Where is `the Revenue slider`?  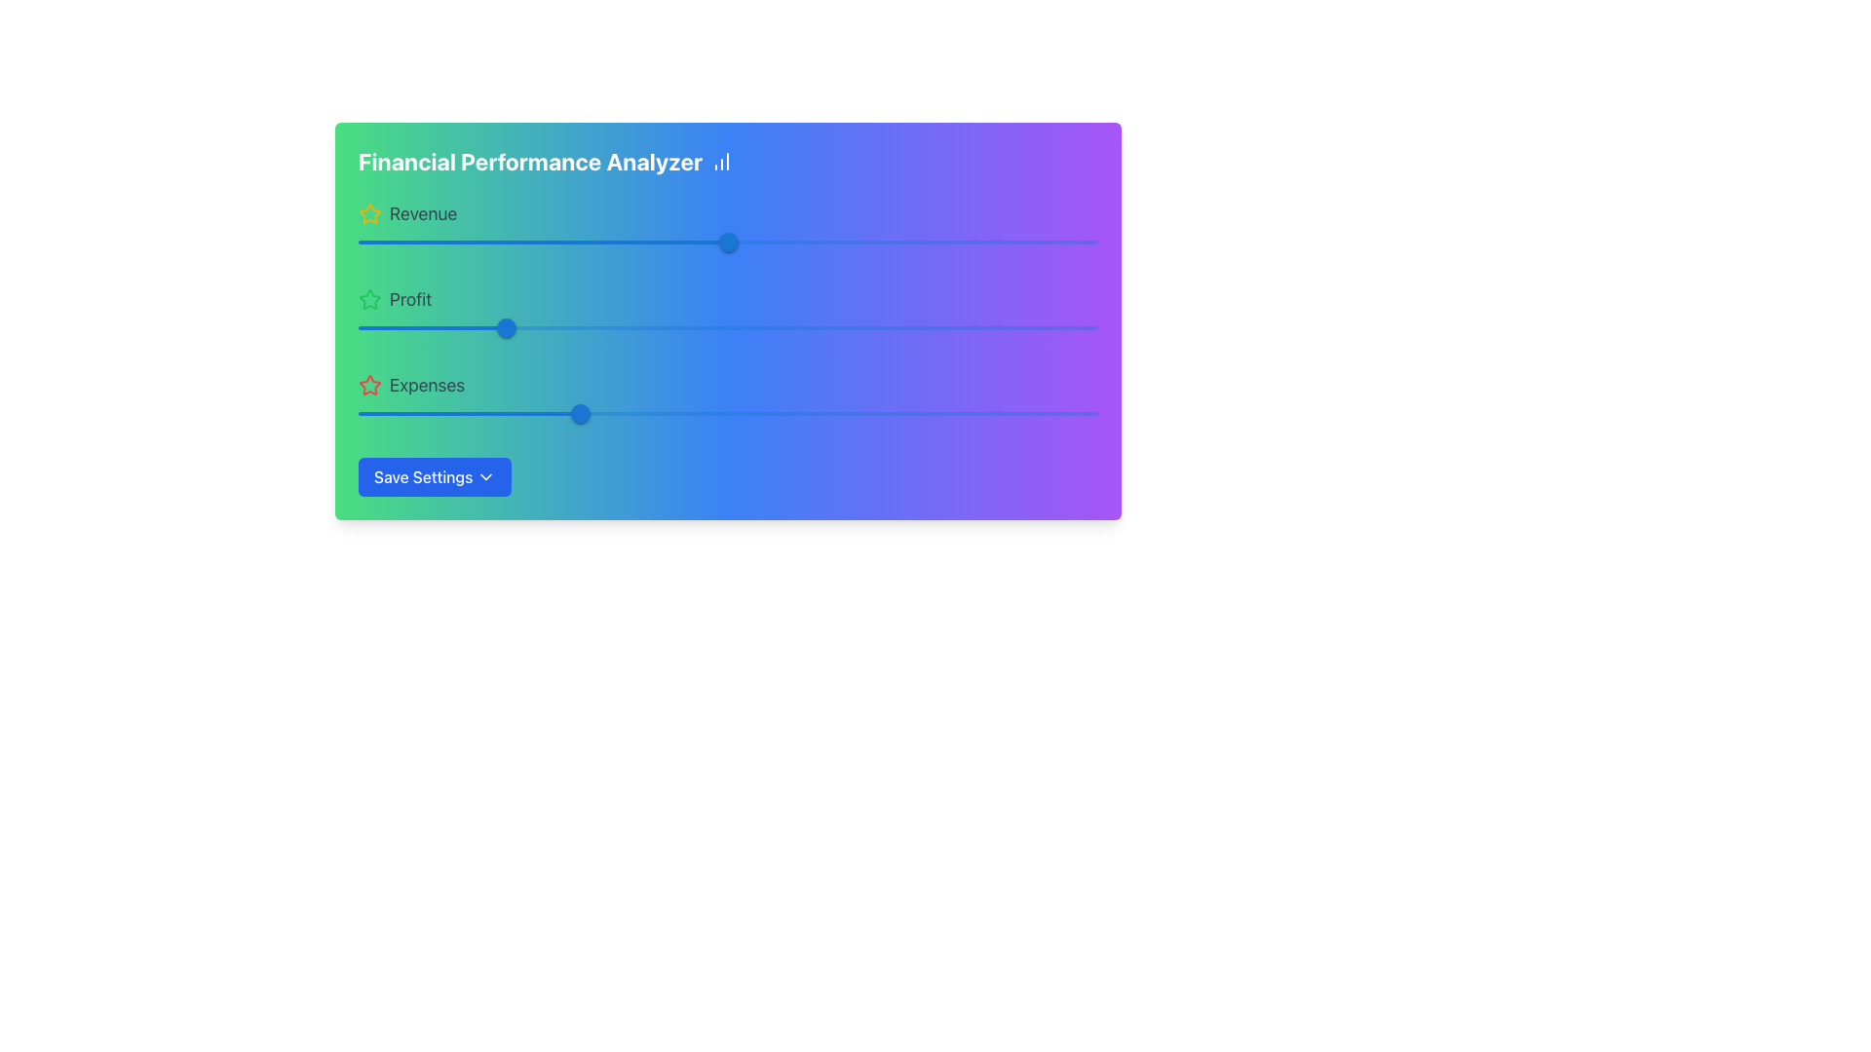 the Revenue slider is located at coordinates (564, 242).